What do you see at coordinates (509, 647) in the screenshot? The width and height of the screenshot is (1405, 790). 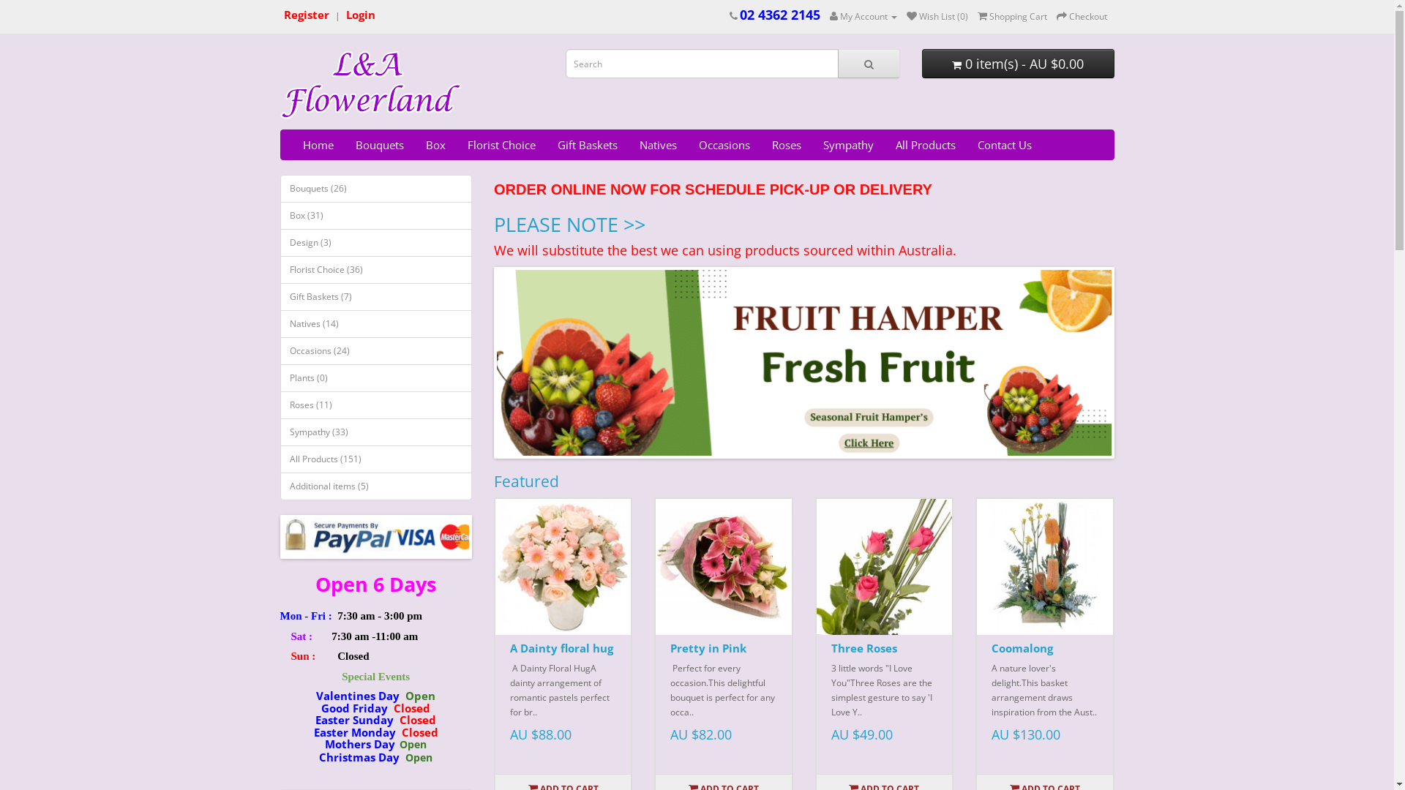 I see `'A Dainty floral hug'` at bounding box center [509, 647].